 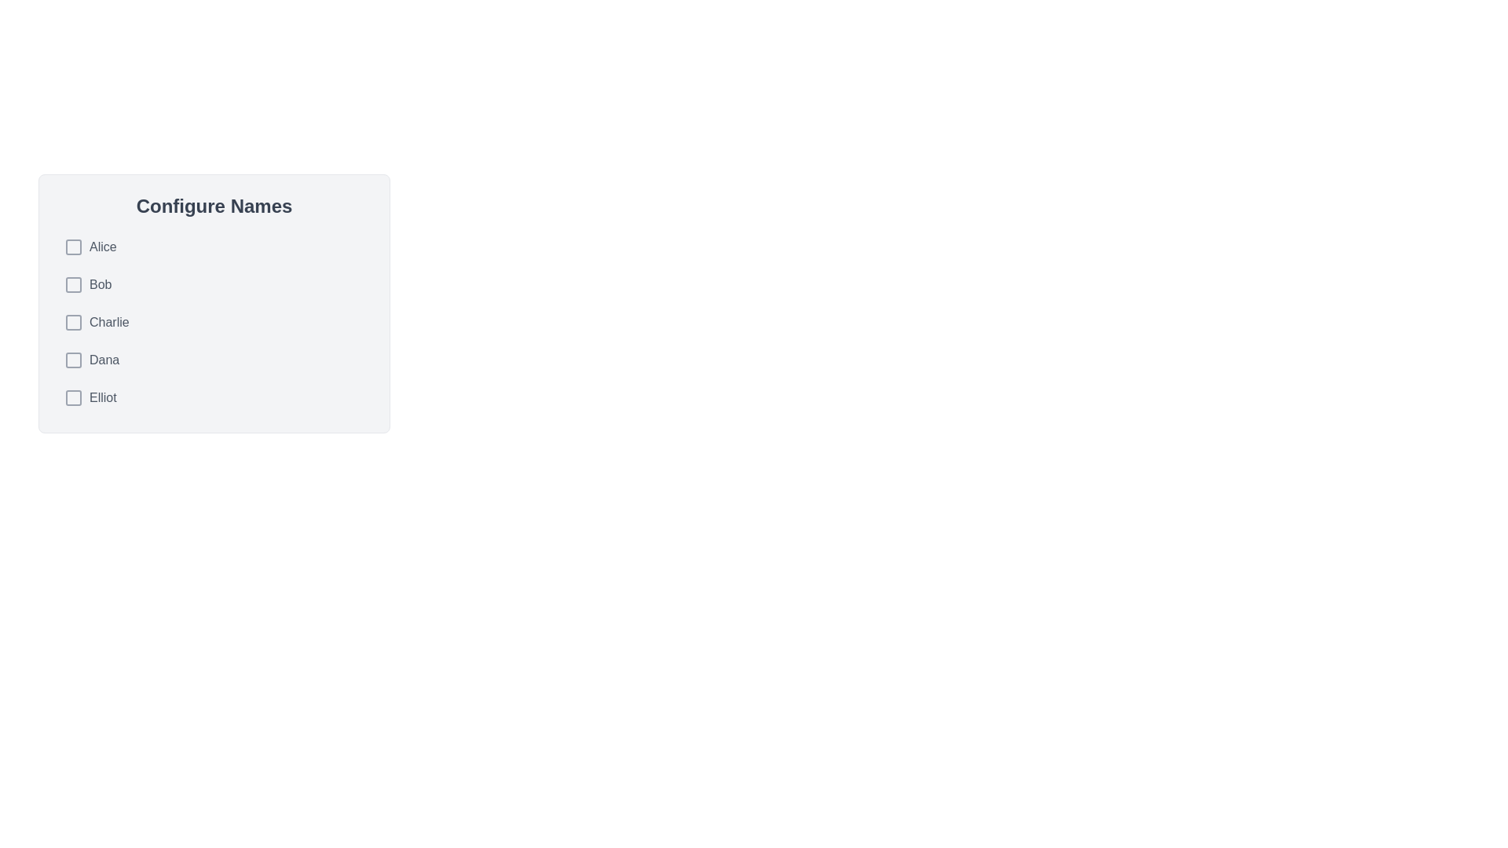 I want to click on the checkbox for the option 'Bob', which is the second checkbox in a vertical list of checkboxes aligned to the left of the name 'Bob', so click(x=73, y=284).